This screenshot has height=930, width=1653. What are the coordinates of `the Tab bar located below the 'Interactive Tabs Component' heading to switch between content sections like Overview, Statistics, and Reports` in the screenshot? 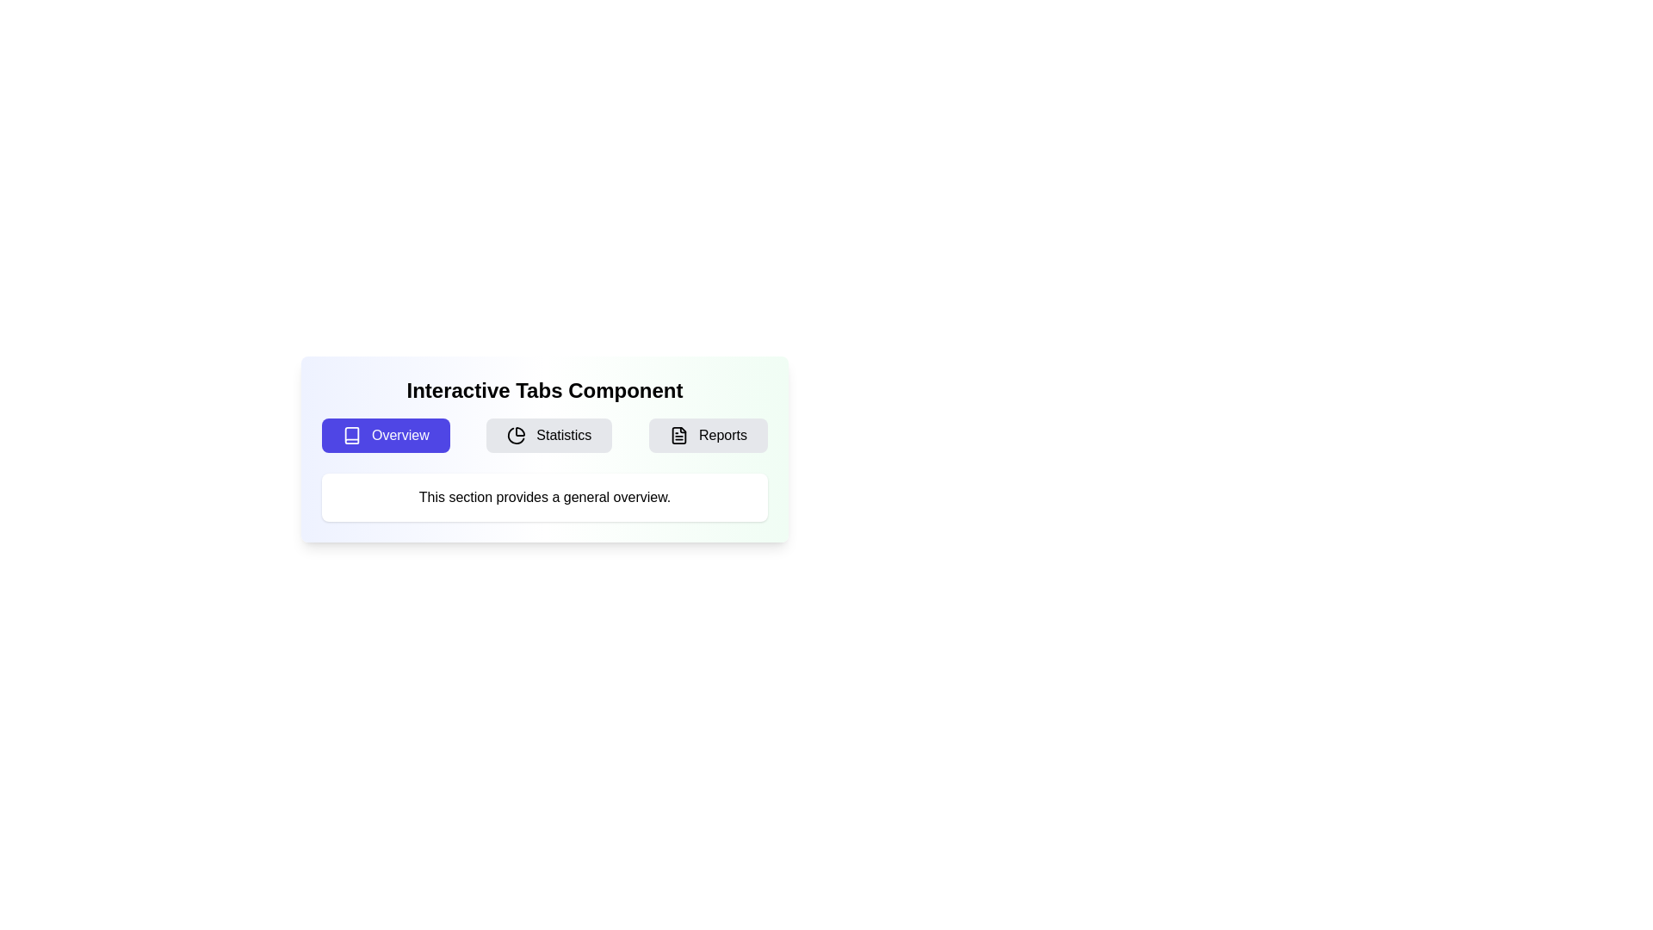 It's located at (544, 434).